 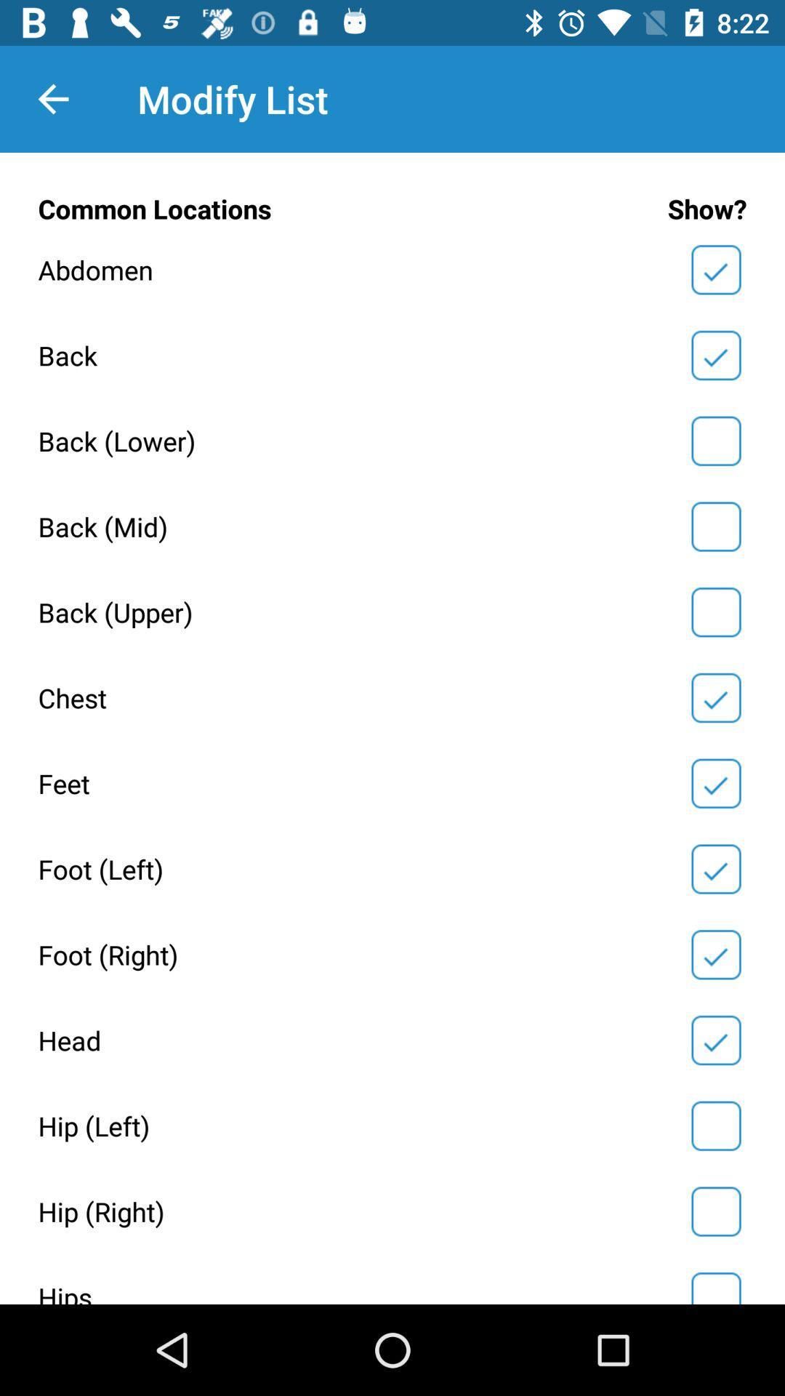 What do you see at coordinates (715, 1039) in the screenshot?
I see `head` at bounding box center [715, 1039].